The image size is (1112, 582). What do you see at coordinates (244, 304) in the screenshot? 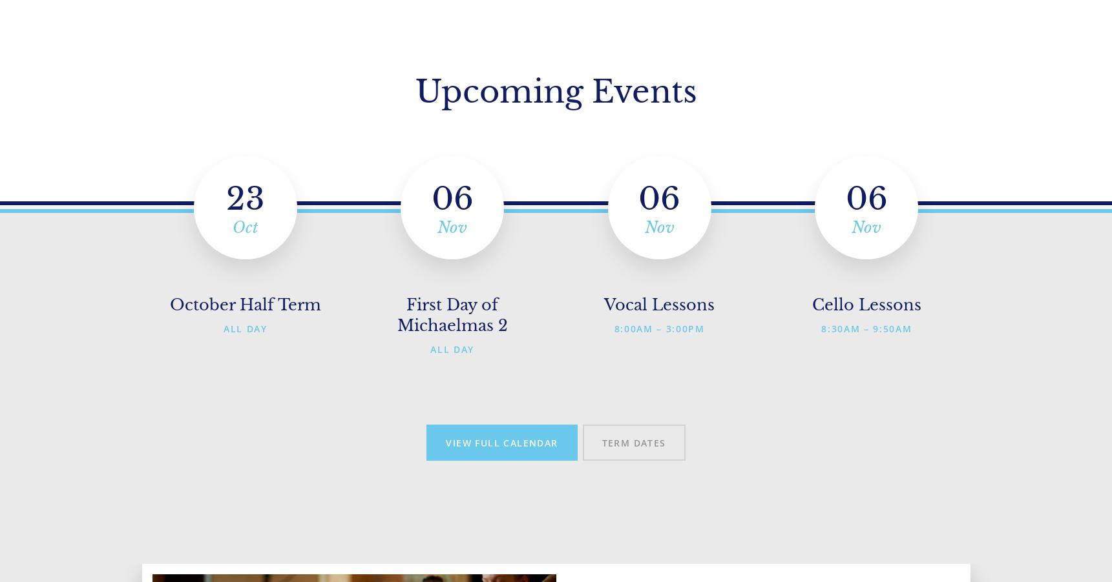
I see `'October Half Term'` at bounding box center [244, 304].